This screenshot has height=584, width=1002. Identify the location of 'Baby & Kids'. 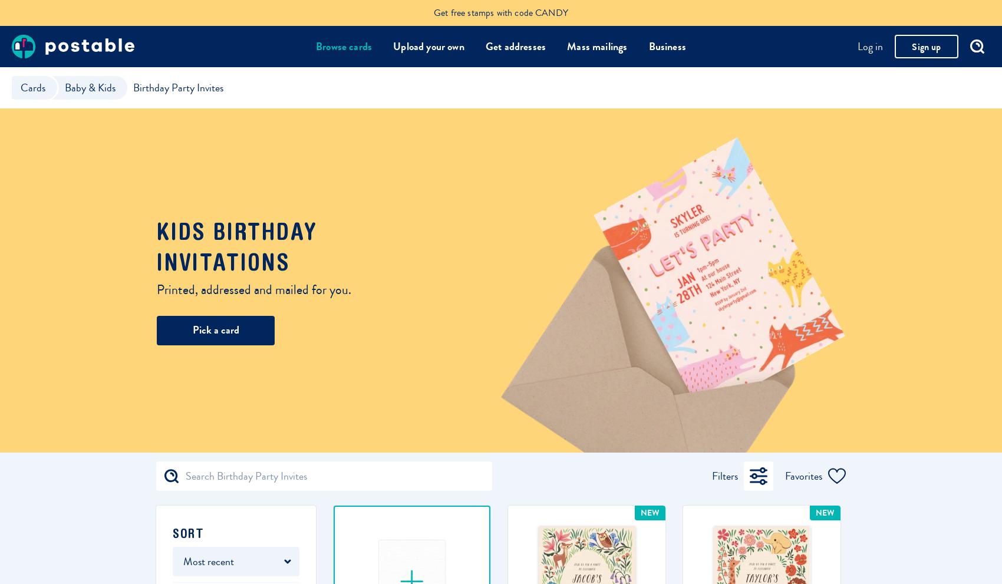
(64, 87).